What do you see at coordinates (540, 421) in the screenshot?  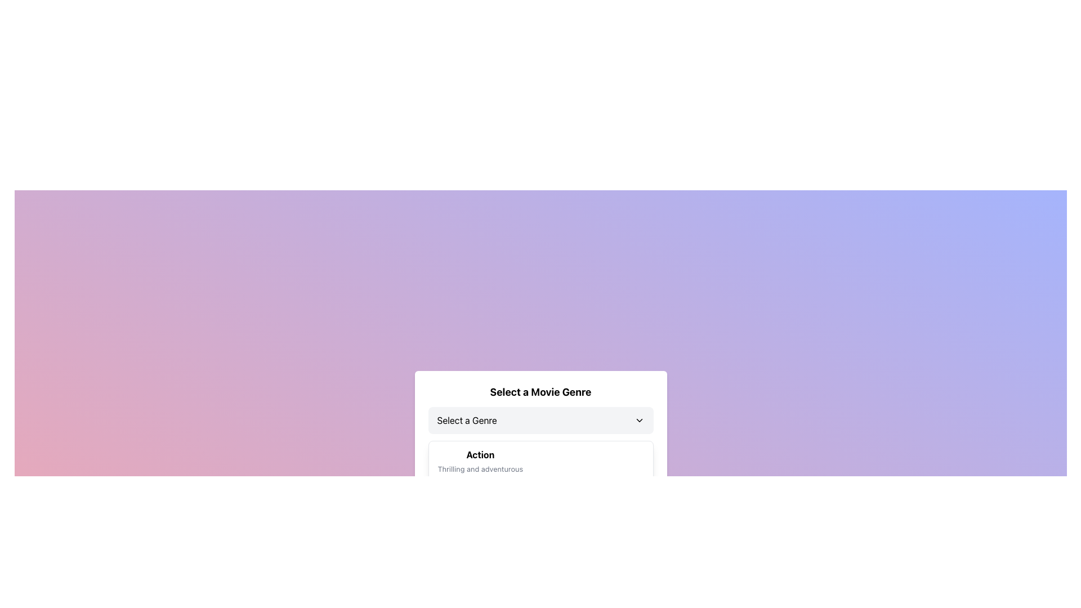 I see `the dropdown menu located below the 'Select a Movie Genre' title` at bounding box center [540, 421].